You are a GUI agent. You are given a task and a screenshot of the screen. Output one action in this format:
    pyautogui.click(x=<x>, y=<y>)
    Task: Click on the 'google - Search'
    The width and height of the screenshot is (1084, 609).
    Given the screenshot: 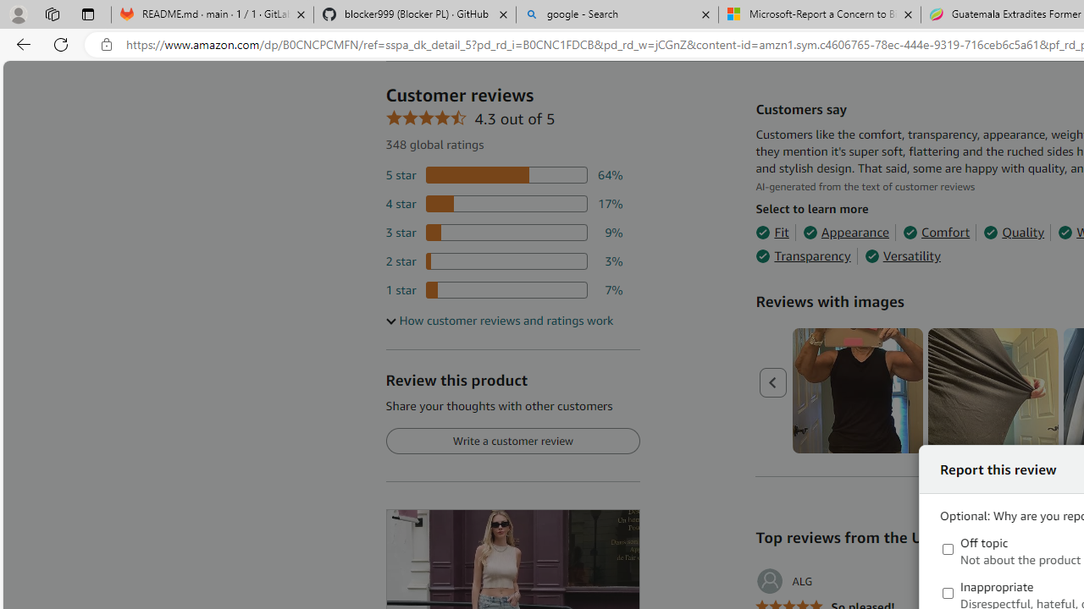 What is the action you would take?
    pyautogui.click(x=617, y=14)
    